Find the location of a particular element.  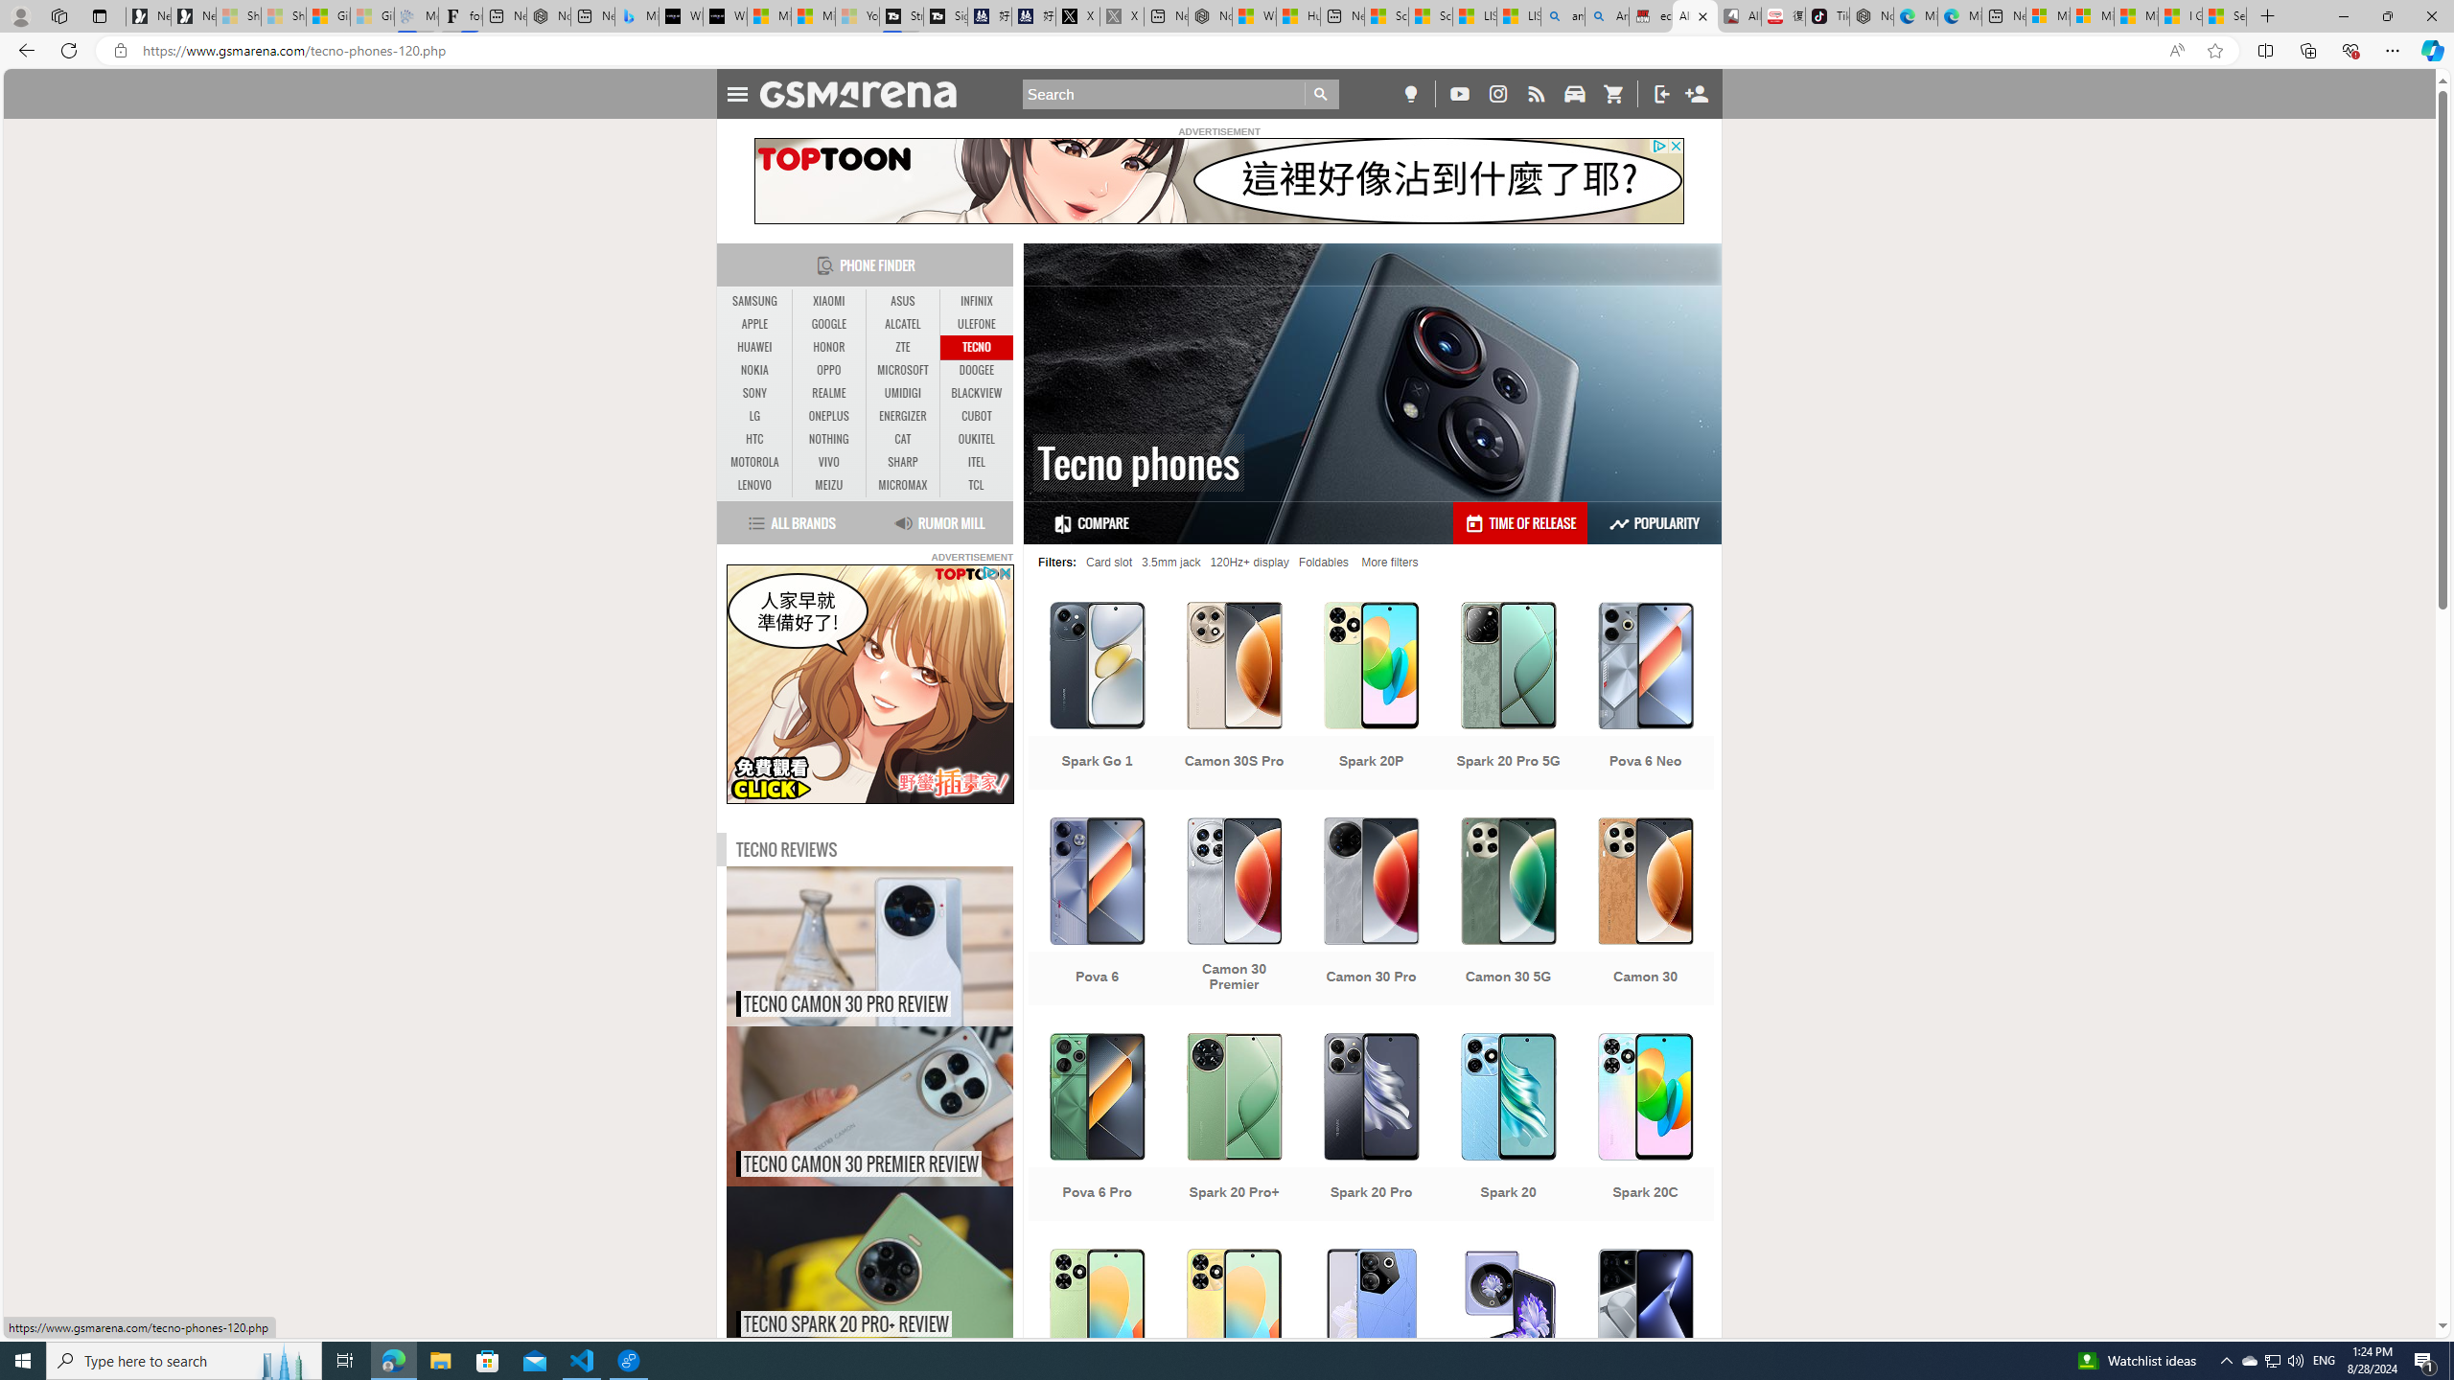

'Tecno Spark 20 Pro+ review' is located at coordinates (910, 1266).